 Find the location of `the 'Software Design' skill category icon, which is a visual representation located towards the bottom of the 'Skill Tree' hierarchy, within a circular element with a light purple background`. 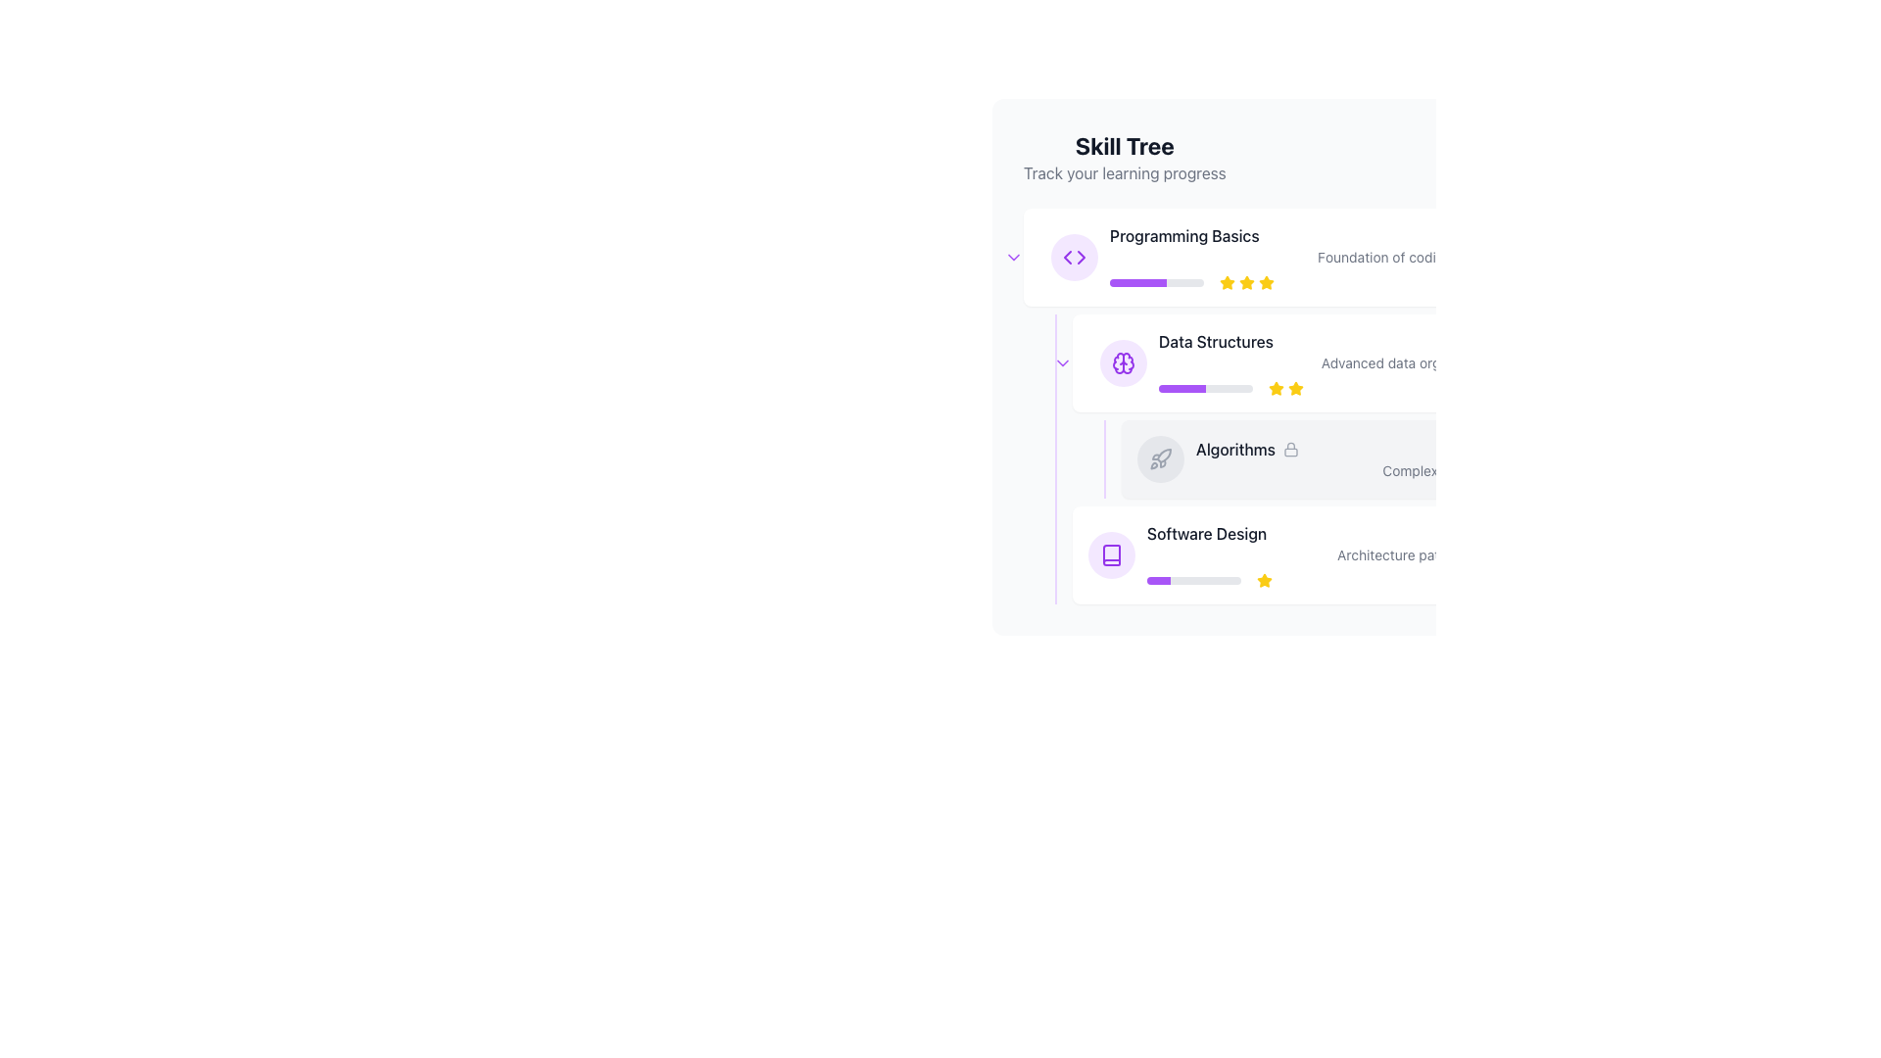

the 'Software Design' skill category icon, which is a visual representation located towards the bottom of the 'Skill Tree' hierarchy, within a circular element with a light purple background is located at coordinates (1111, 555).